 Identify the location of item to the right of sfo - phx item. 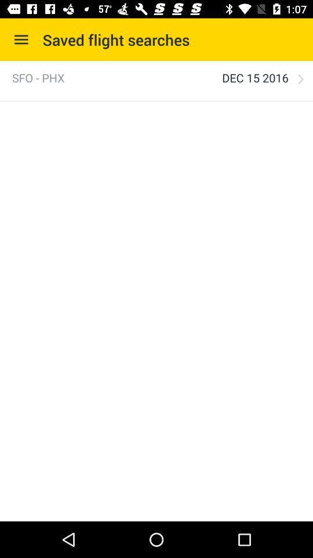
(255, 77).